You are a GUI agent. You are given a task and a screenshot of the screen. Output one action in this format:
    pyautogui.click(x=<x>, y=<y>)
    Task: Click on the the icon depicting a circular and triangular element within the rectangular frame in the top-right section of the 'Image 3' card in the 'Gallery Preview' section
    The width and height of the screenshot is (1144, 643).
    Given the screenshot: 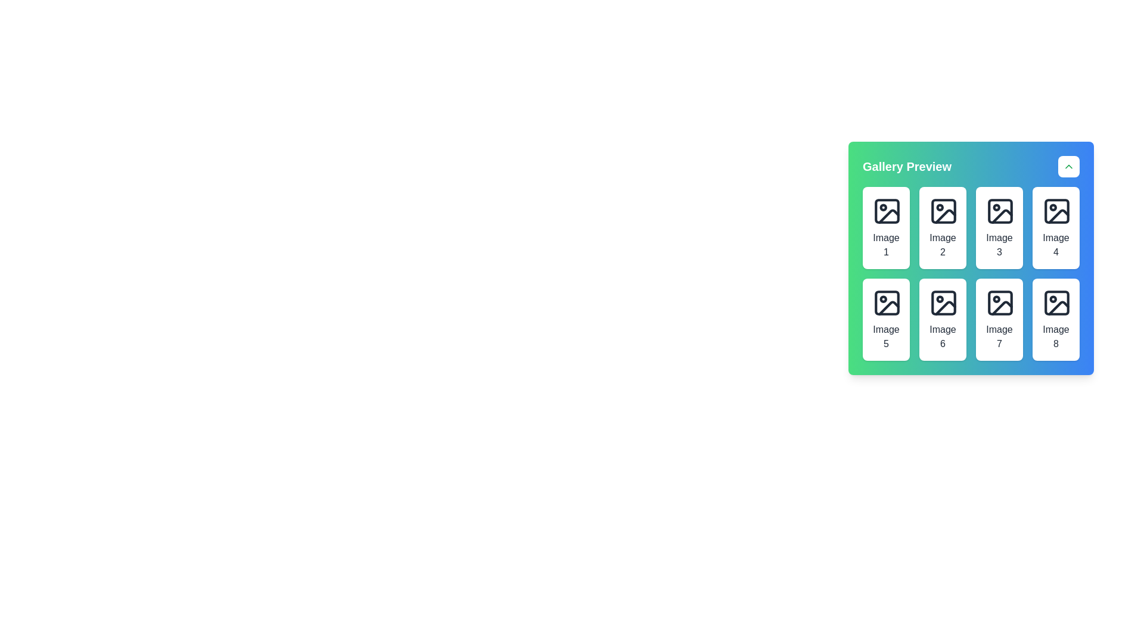 What is the action you would take?
    pyautogui.click(x=1000, y=210)
    